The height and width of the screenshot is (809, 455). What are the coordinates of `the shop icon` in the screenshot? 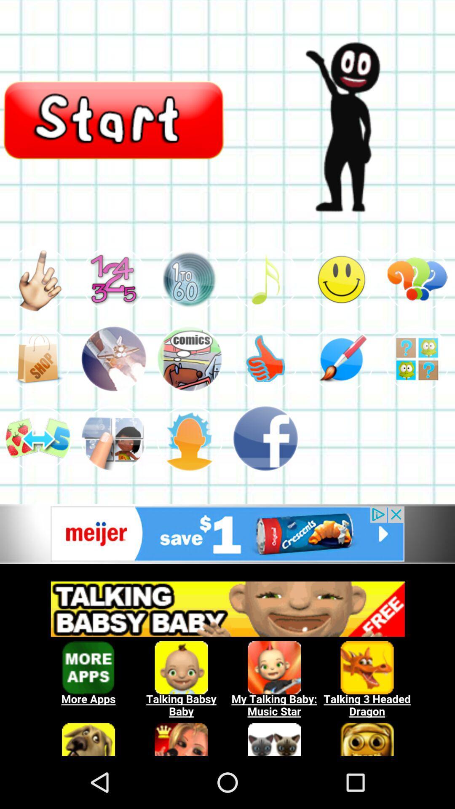 It's located at (37, 383).